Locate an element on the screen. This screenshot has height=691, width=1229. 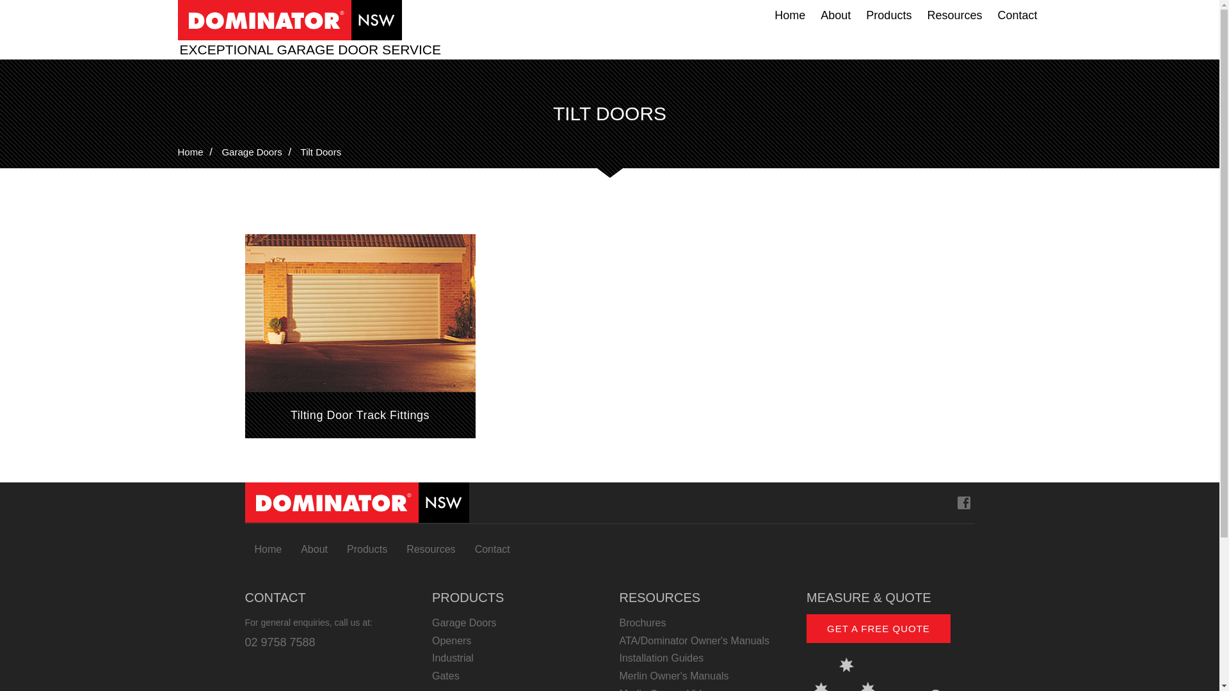
'Brochures' is located at coordinates (703, 623).